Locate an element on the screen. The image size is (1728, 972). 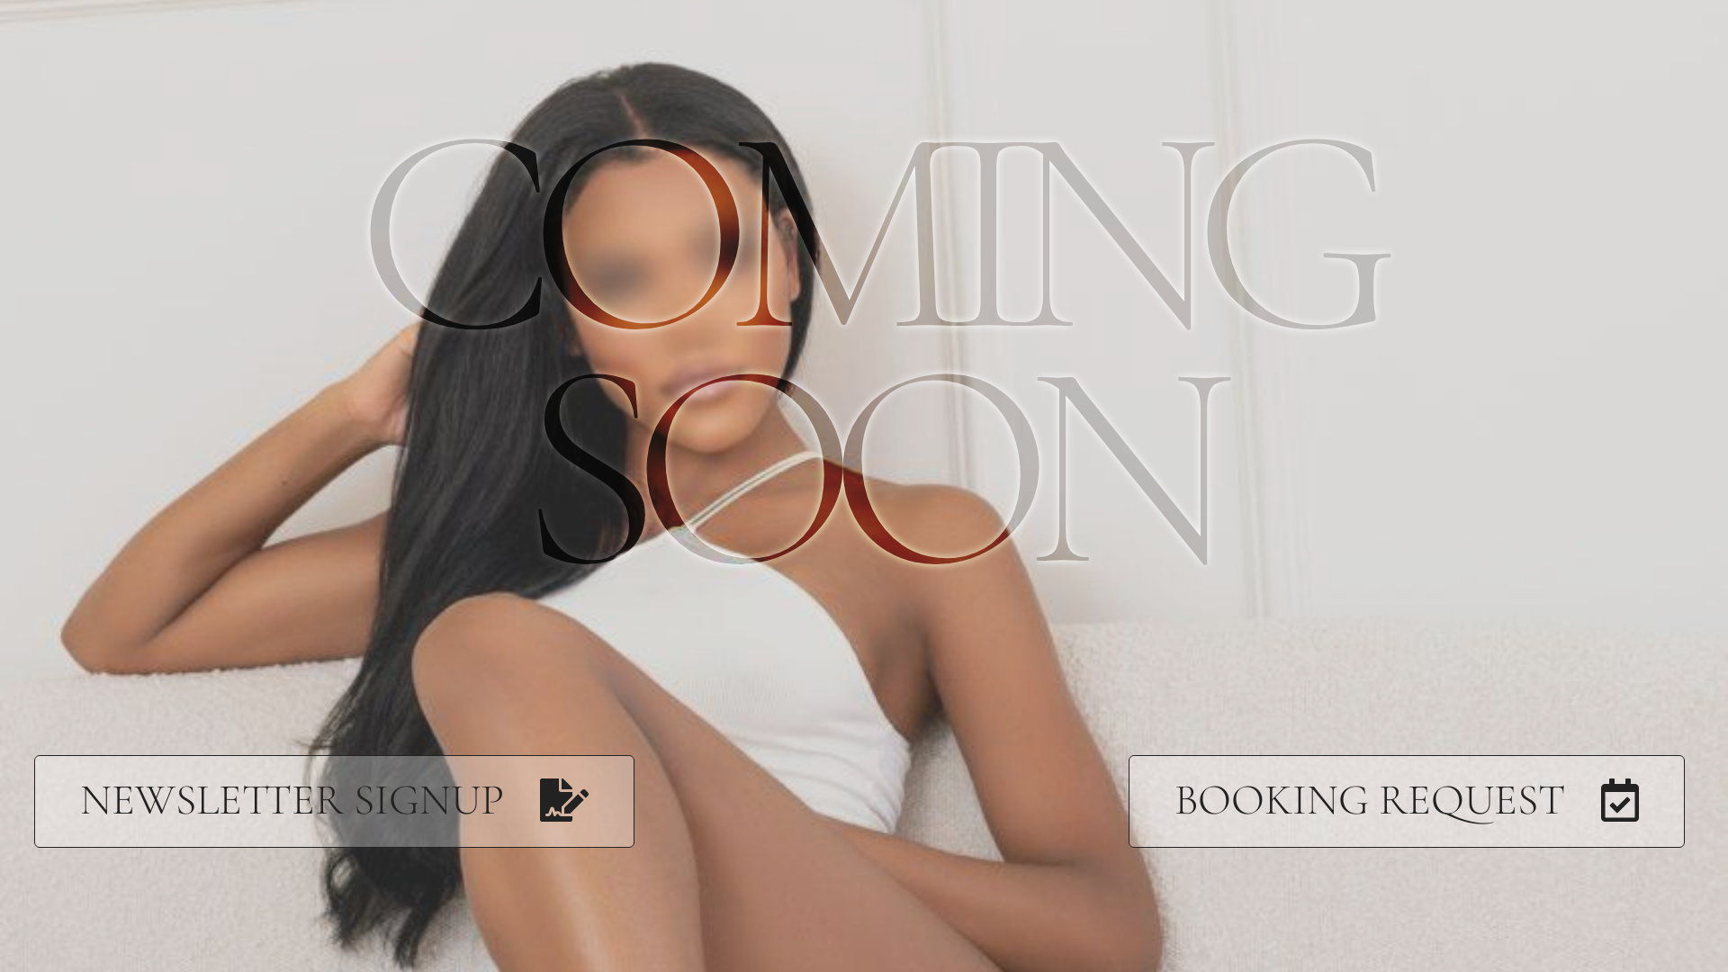
'NEWSLETTER SIGNUP' is located at coordinates (334, 800).